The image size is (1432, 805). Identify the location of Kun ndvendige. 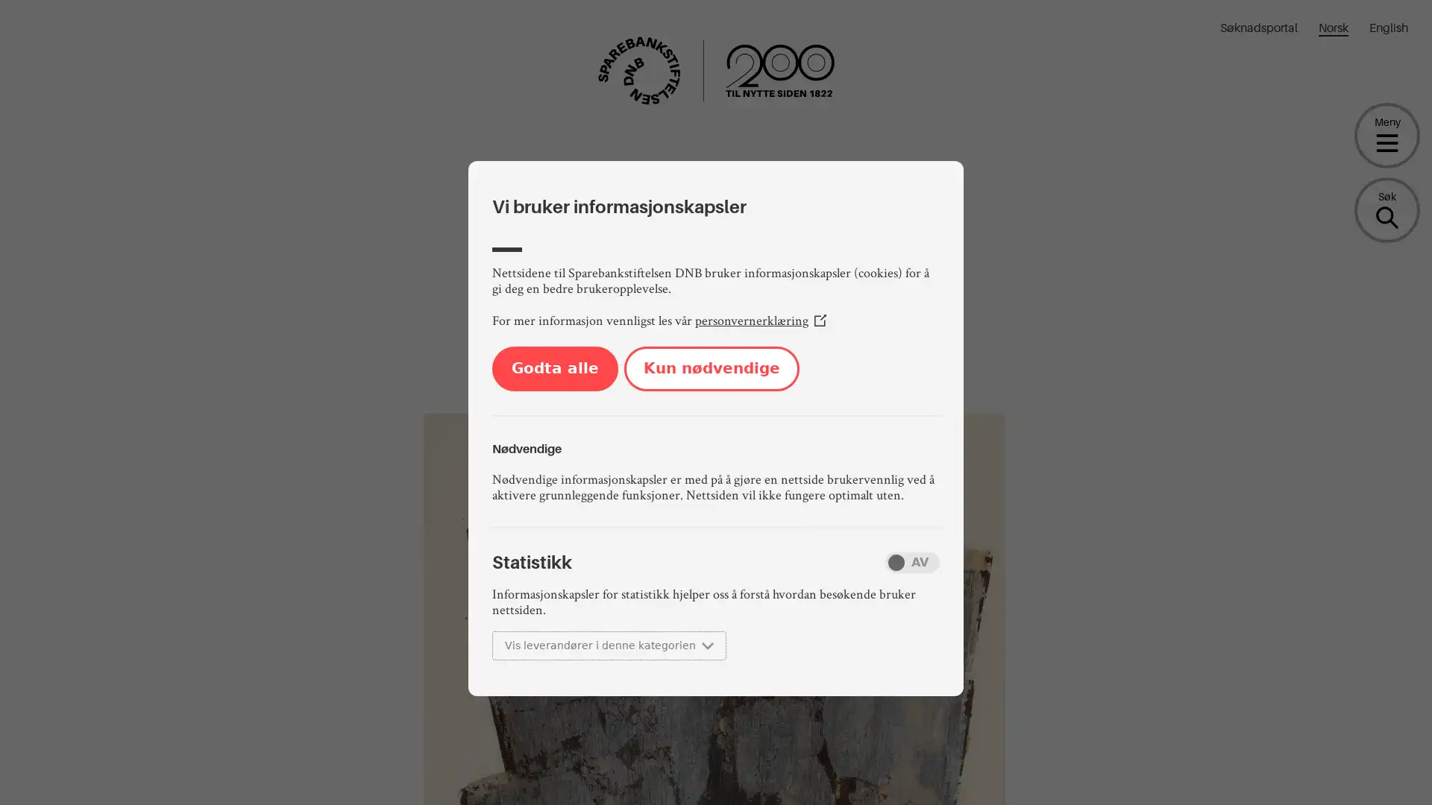
(711, 368).